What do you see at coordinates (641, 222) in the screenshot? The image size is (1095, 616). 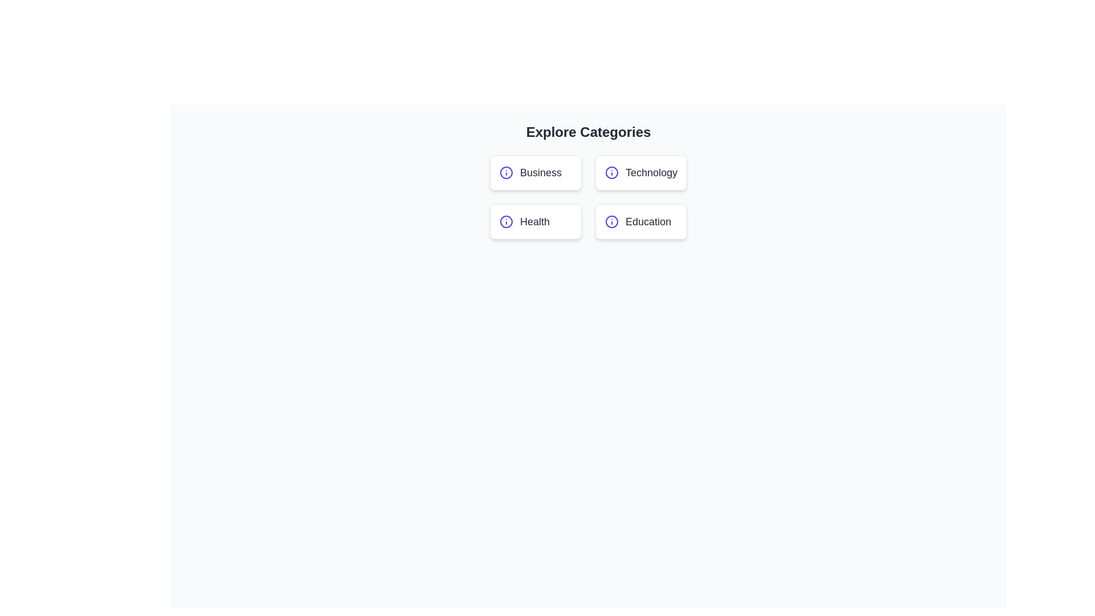 I see `the 'Education' label located in the bottom-right card of the grid representing different categories` at bounding box center [641, 222].